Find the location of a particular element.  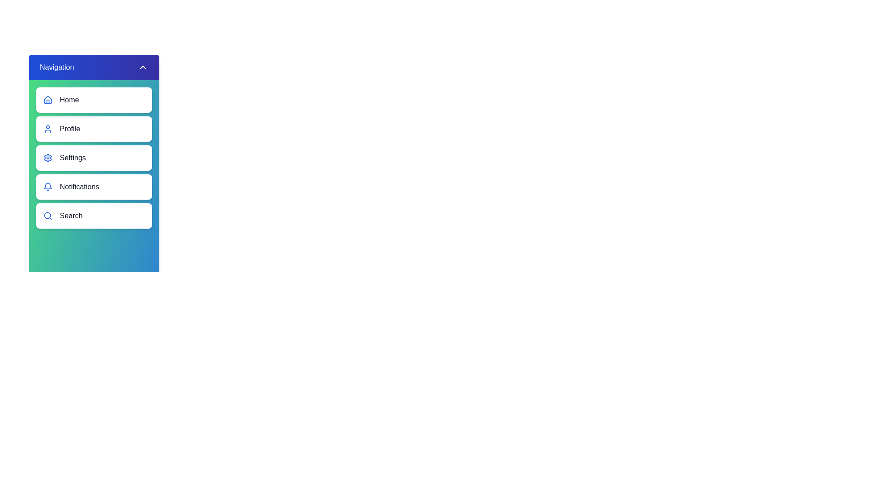

'Settings' label, which is the third item in the vertical navigation menu, to understand its purpose is located at coordinates (72, 157).